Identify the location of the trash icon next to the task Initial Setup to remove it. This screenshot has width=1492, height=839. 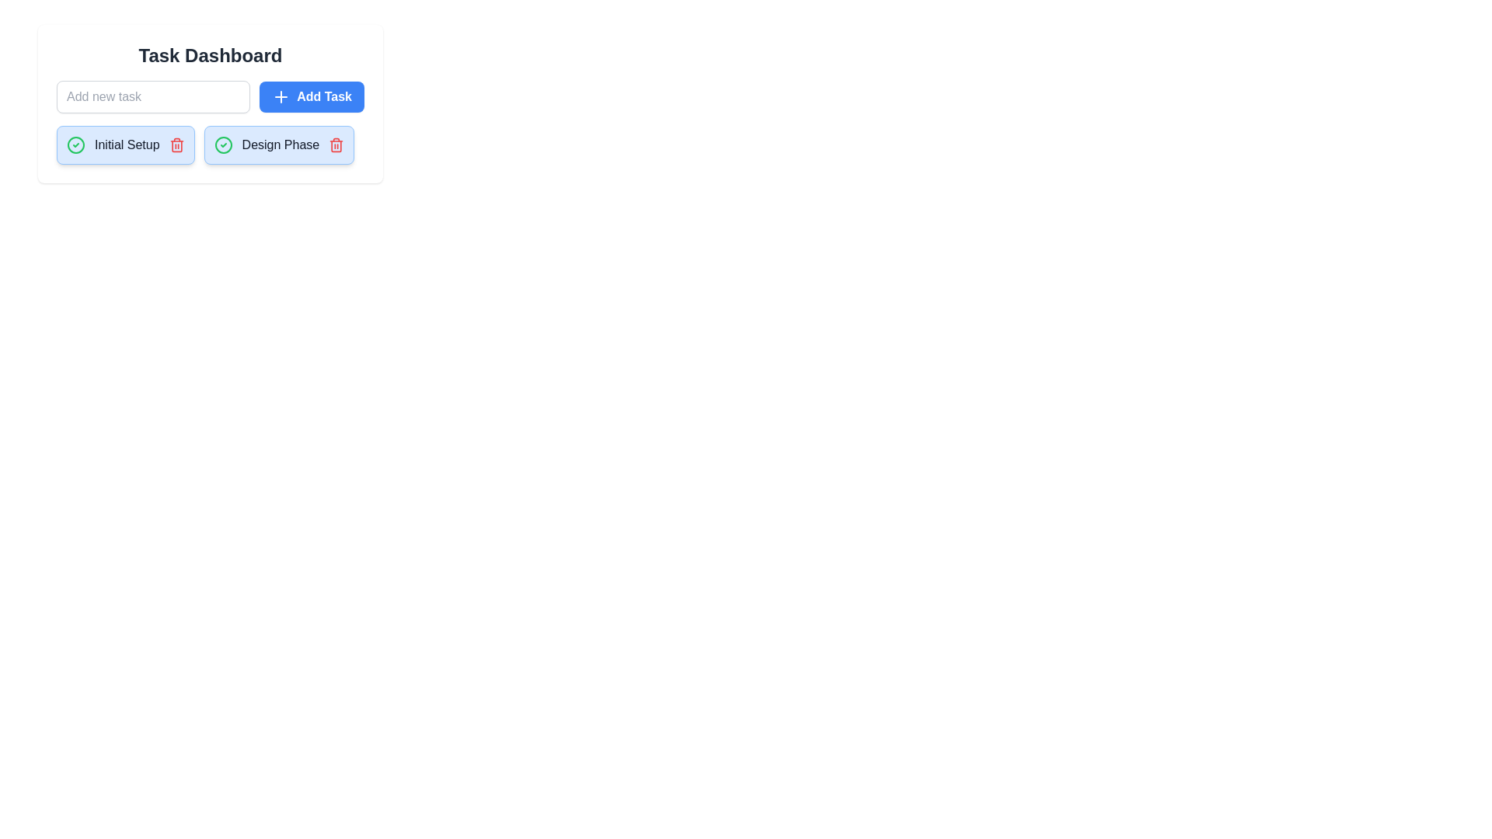
(176, 144).